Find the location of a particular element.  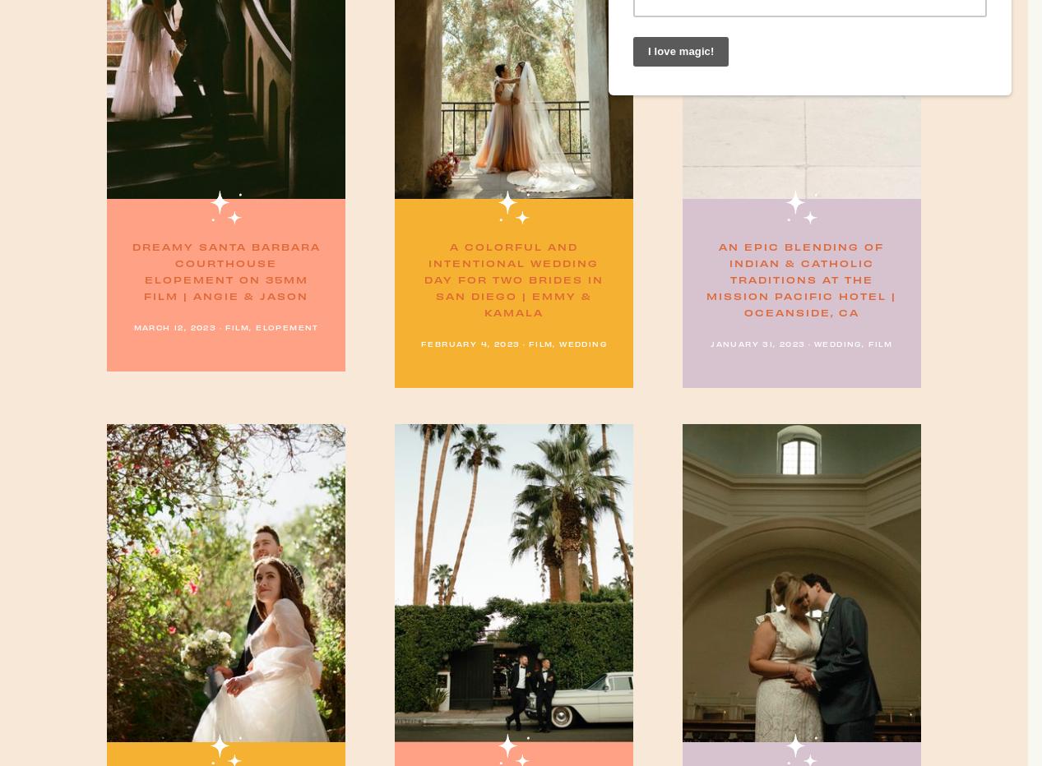

'A Colorful and Intentional Wedding Day for two Brides in San Diego | Emmy & Kamala' is located at coordinates (512, 278).